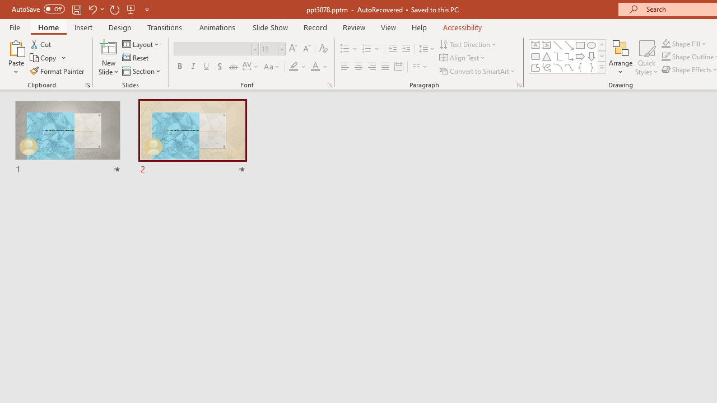  I want to click on 'Decrease Indent', so click(392, 48).